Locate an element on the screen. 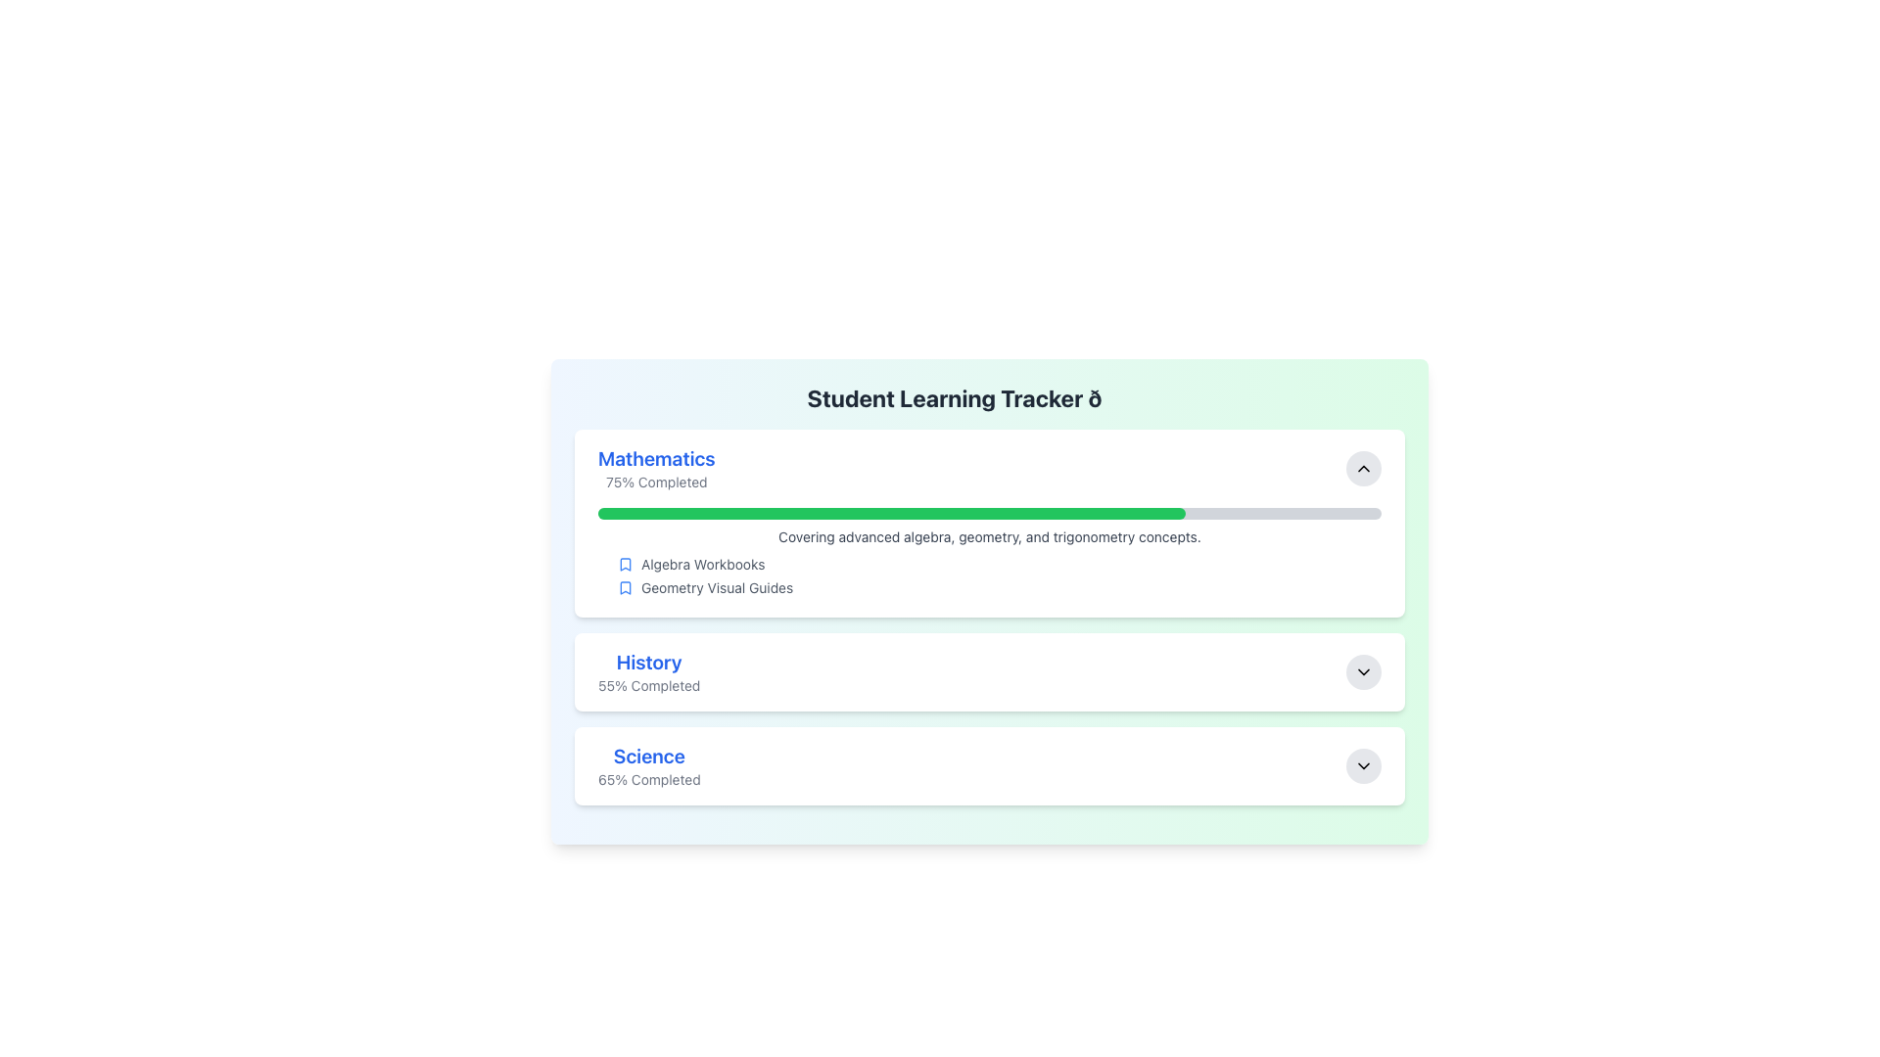  the circular button with a light gray background and a downward-facing chevron icon is located at coordinates (1362, 765).